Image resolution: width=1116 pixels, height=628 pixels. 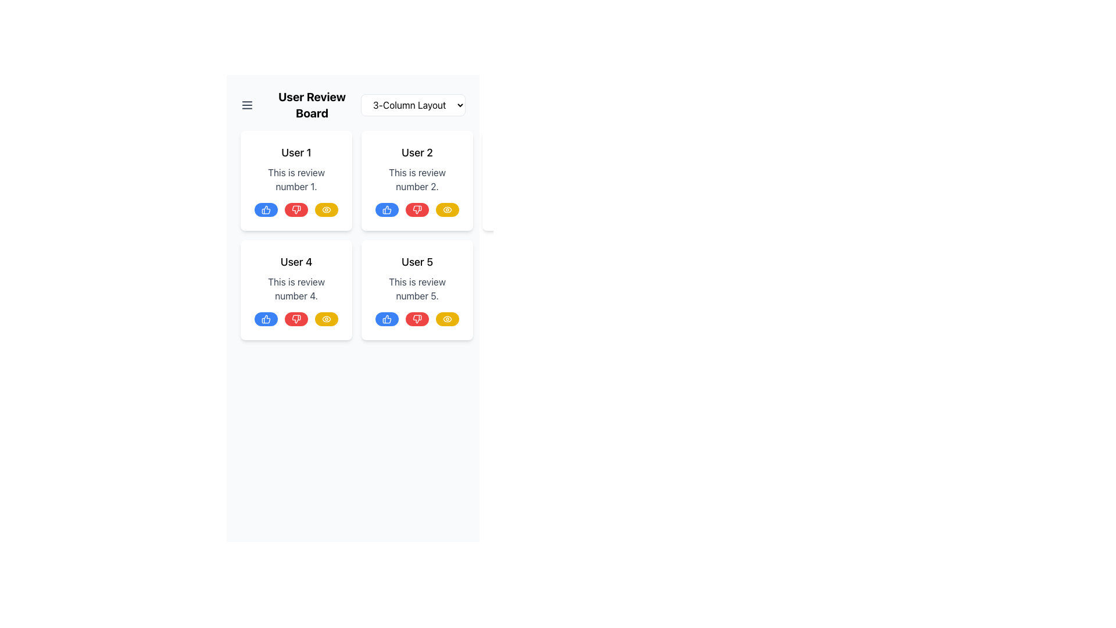 I want to click on the text label identifying the user associated with the review in the second card of the grid layout, so click(x=417, y=152).